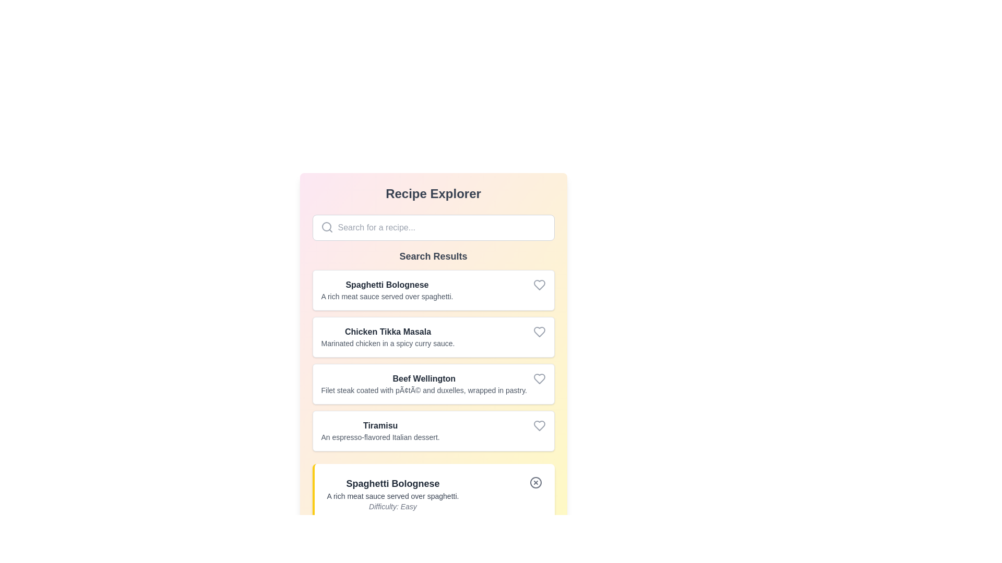 The height and width of the screenshot is (563, 1002). What do you see at coordinates (392, 506) in the screenshot?
I see `the static label indicating the difficulty level of the recipe 'Spaghetti Bolognese', which is positioned below the description text 'A rich meat sauce served over spaghetti.'` at bounding box center [392, 506].